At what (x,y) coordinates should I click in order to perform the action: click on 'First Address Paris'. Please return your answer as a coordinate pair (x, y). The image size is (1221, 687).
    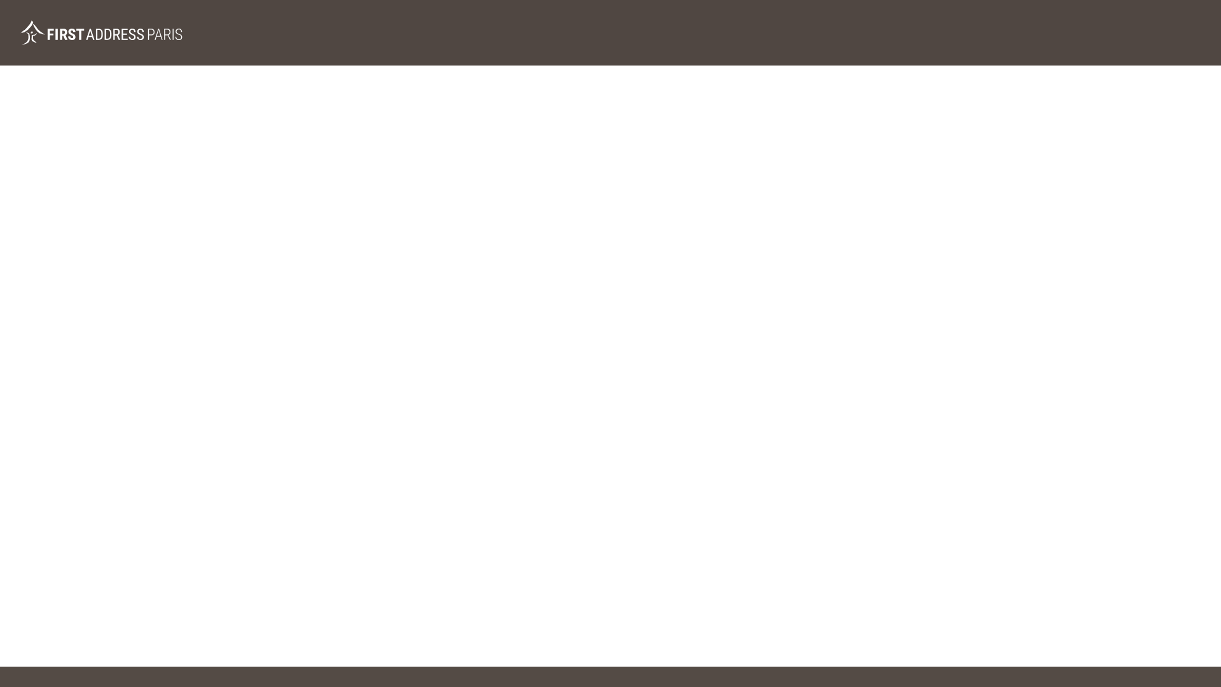
    Looking at the image, I should click on (20, 32).